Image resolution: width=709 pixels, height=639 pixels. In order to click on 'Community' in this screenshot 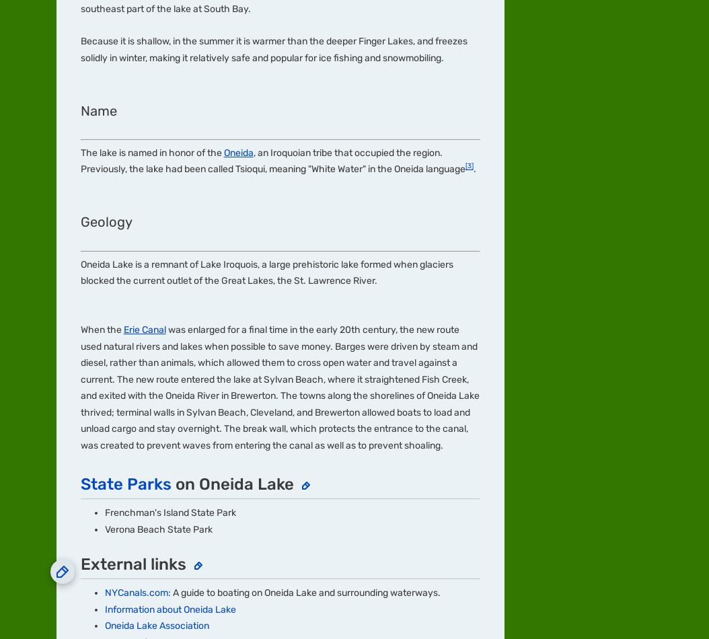, I will do `click(81, 328)`.